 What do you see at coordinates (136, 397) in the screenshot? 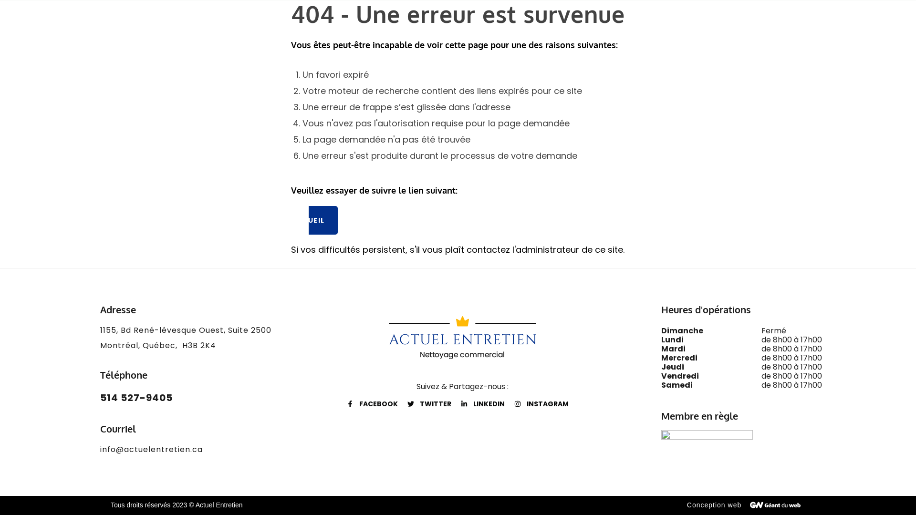
I see `'514 527-9405'` at bounding box center [136, 397].